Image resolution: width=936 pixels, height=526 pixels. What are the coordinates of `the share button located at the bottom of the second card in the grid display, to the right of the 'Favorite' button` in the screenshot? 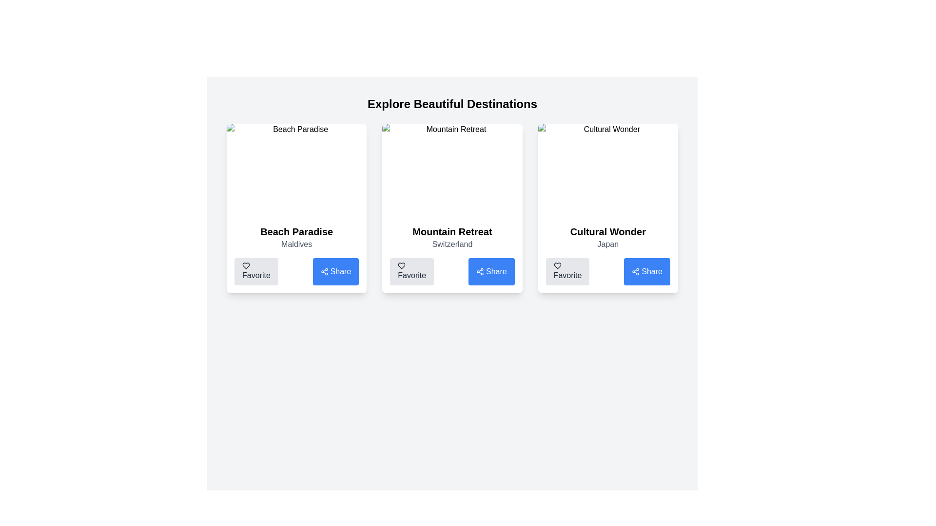 It's located at (491, 272).